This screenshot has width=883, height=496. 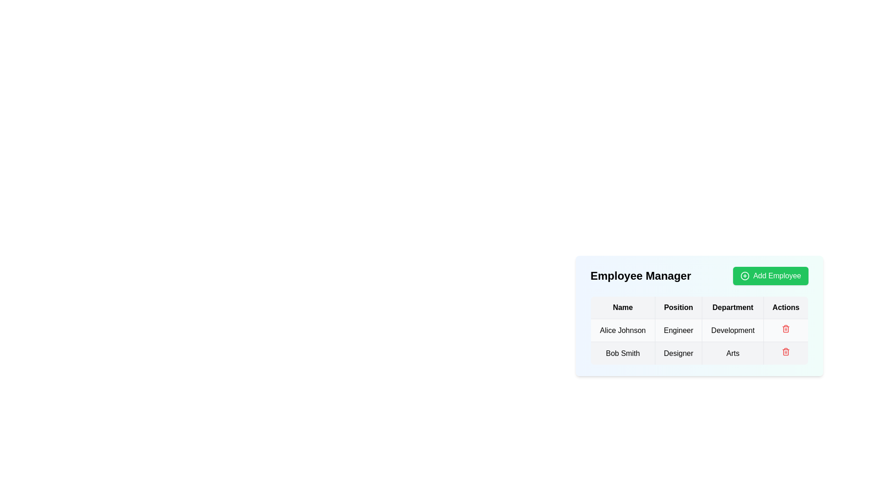 What do you see at coordinates (678, 330) in the screenshot?
I see `the TextLabel displaying 'Engineer' under the 'Position' column for 'Alice Johnson' in the 'Employee Manager' table` at bounding box center [678, 330].